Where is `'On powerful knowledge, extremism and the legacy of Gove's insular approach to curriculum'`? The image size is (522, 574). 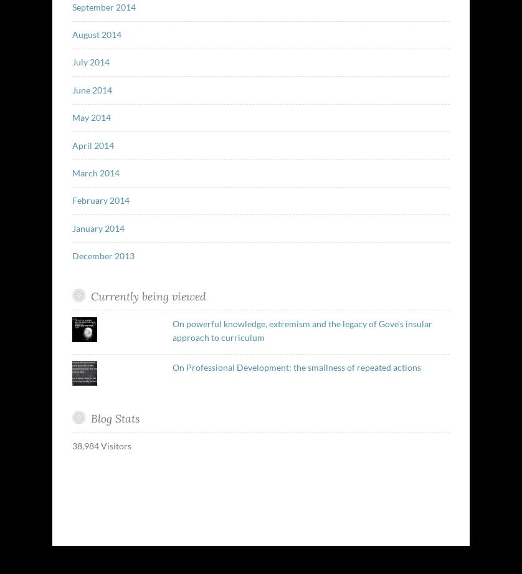
'On powerful knowledge, extremism and the legacy of Gove's insular approach to curriculum' is located at coordinates (171, 330).